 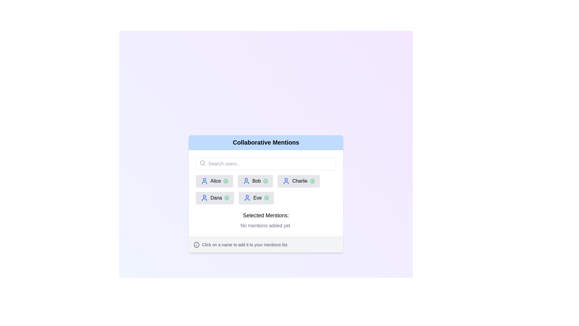 I want to click on the user icon represented by a blue circular head and shoulder outline located next to the text label 'Bob' in the user selection grid, so click(x=246, y=181).